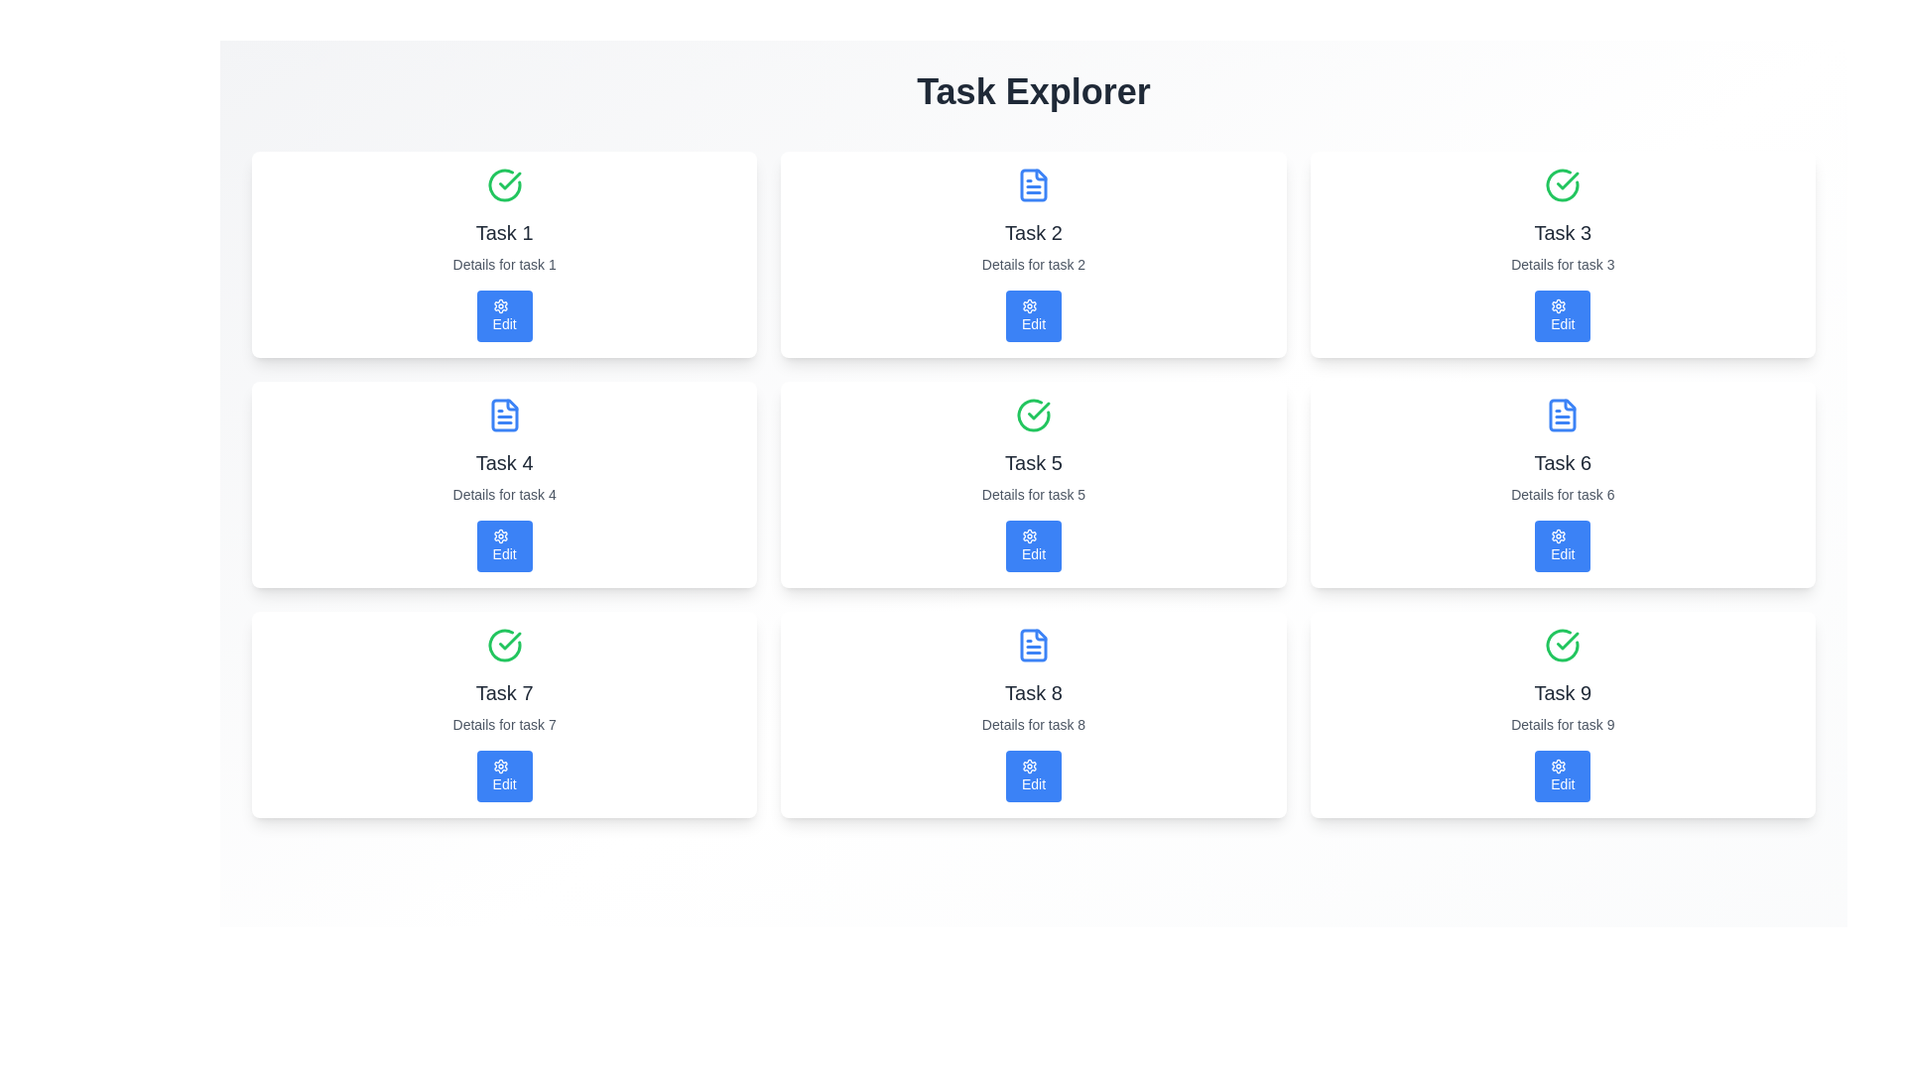 The image size is (1905, 1071). What do you see at coordinates (1558, 305) in the screenshot?
I see `the settings icon located within the blue 'Edit' button in the task card labeled 'Task 3', positioned in the top-right section of the grid layout` at bounding box center [1558, 305].